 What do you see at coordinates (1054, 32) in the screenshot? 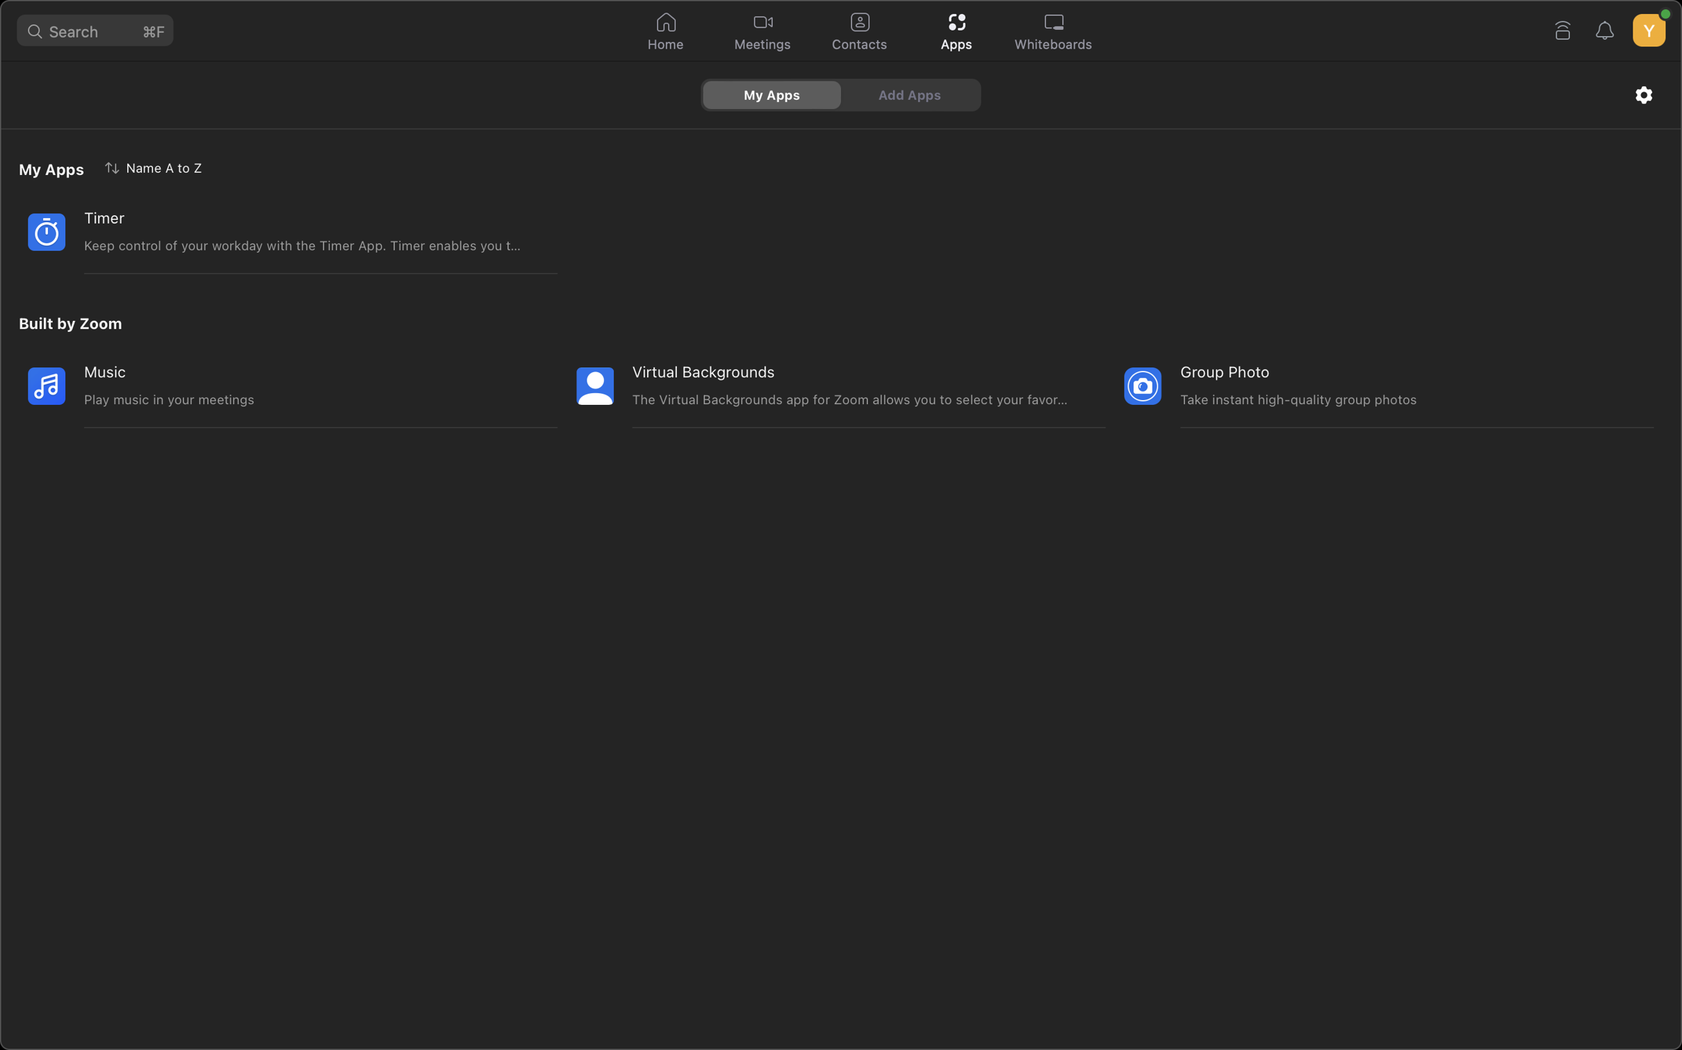
I see `the whiteboard software` at bounding box center [1054, 32].